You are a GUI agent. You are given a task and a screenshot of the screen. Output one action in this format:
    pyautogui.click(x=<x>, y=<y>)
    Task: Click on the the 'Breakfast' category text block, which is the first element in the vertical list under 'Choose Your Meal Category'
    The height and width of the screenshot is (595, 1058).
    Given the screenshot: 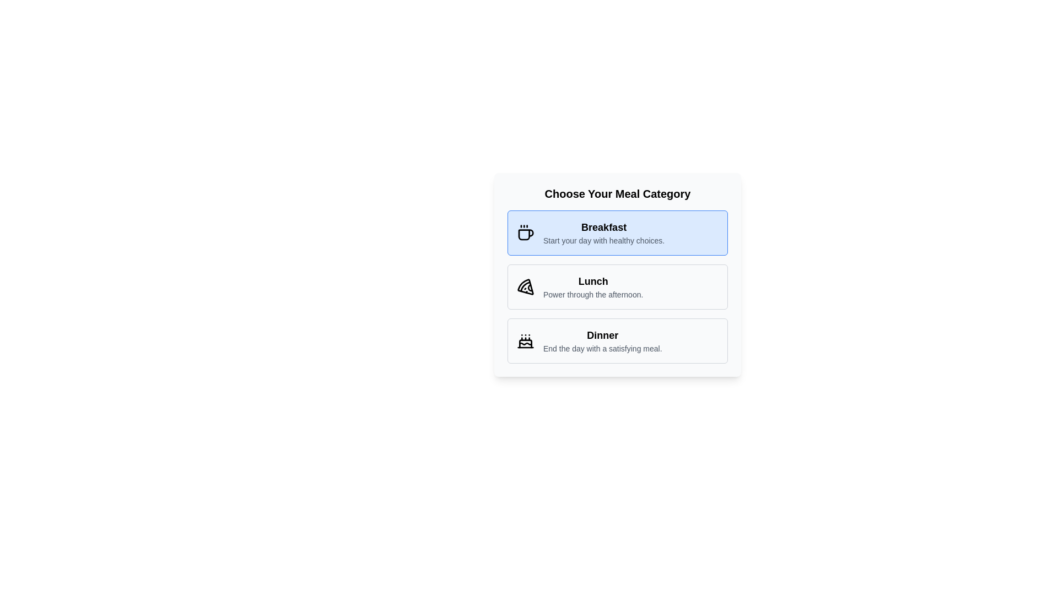 What is the action you would take?
    pyautogui.click(x=603, y=232)
    